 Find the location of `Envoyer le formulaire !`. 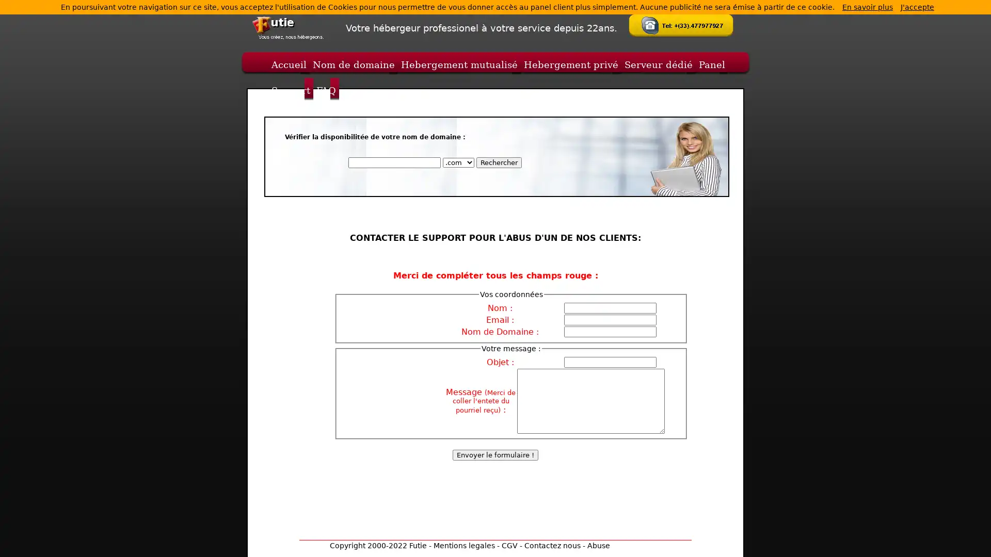

Envoyer le formulaire ! is located at coordinates (495, 454).